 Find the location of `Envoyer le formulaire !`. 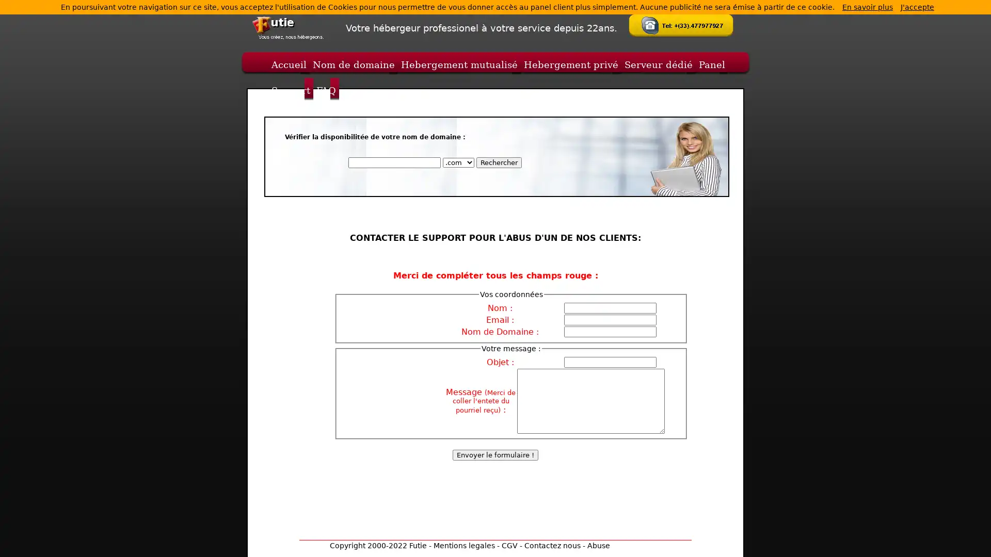

Envoyer le formulaire ! is located at coordinates (495, 454).